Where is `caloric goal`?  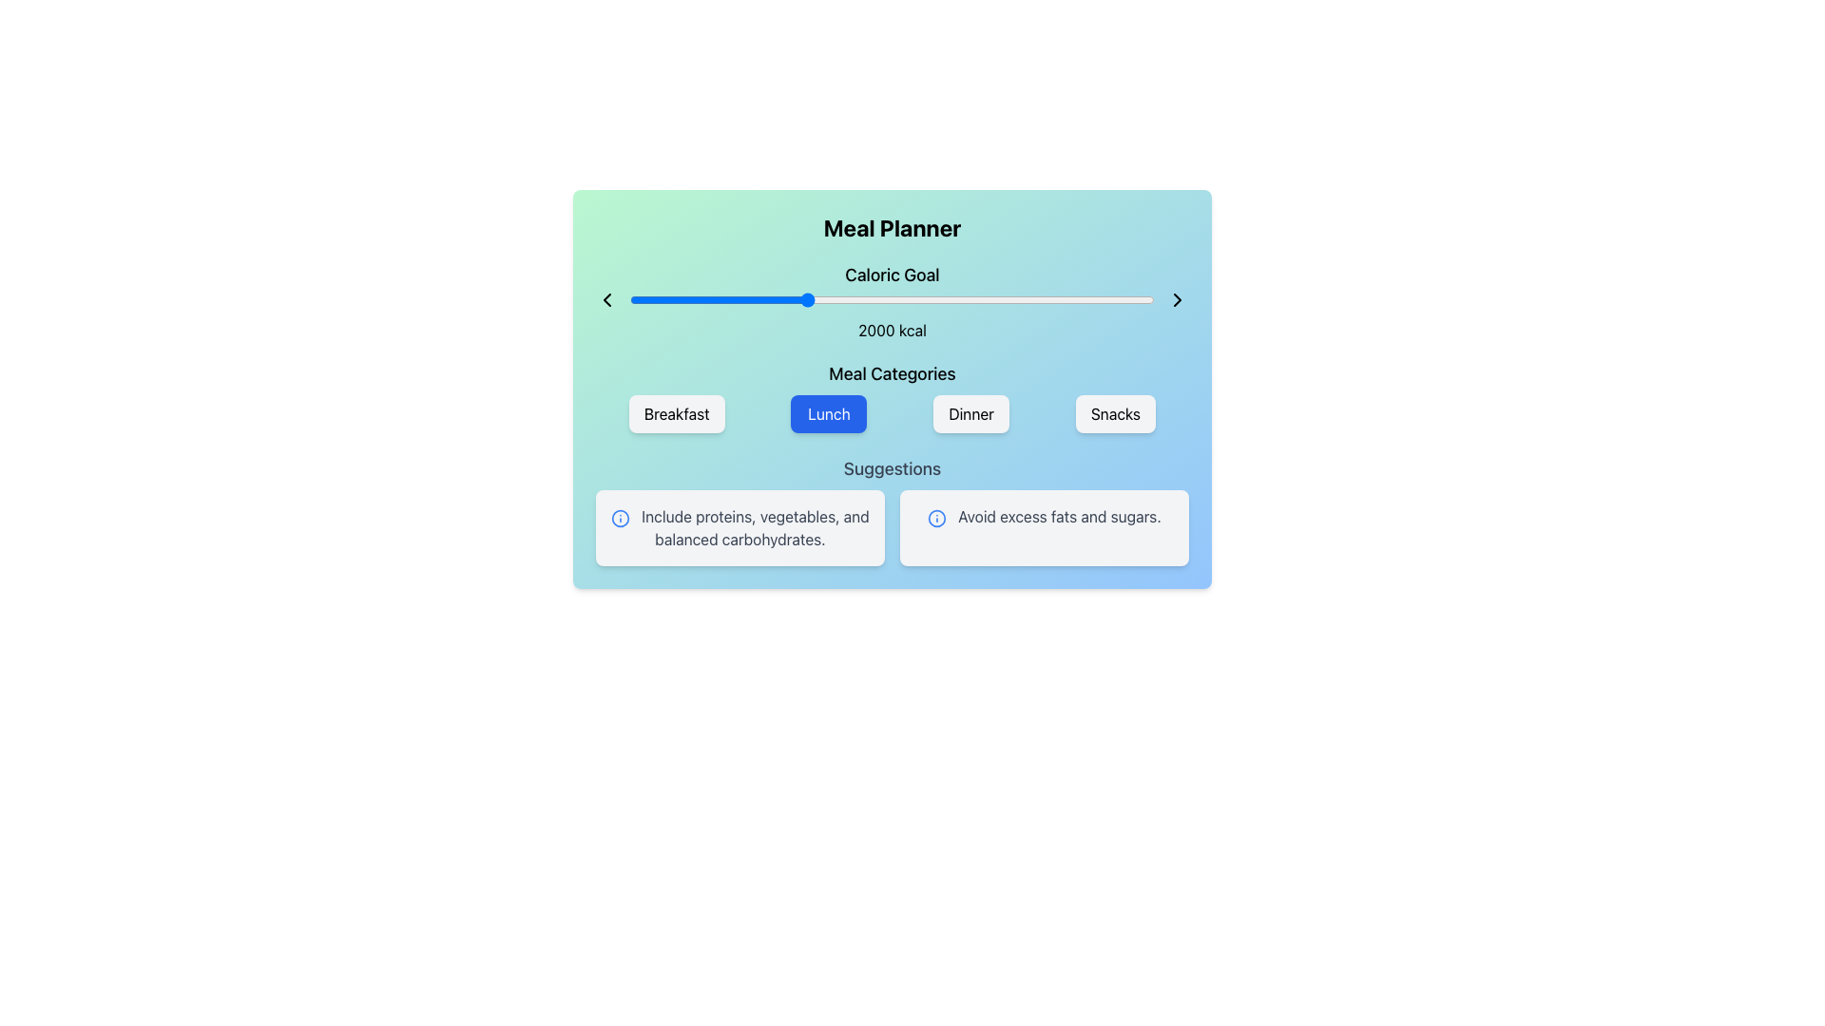
caloric goal is located at coordinates (639, 299).